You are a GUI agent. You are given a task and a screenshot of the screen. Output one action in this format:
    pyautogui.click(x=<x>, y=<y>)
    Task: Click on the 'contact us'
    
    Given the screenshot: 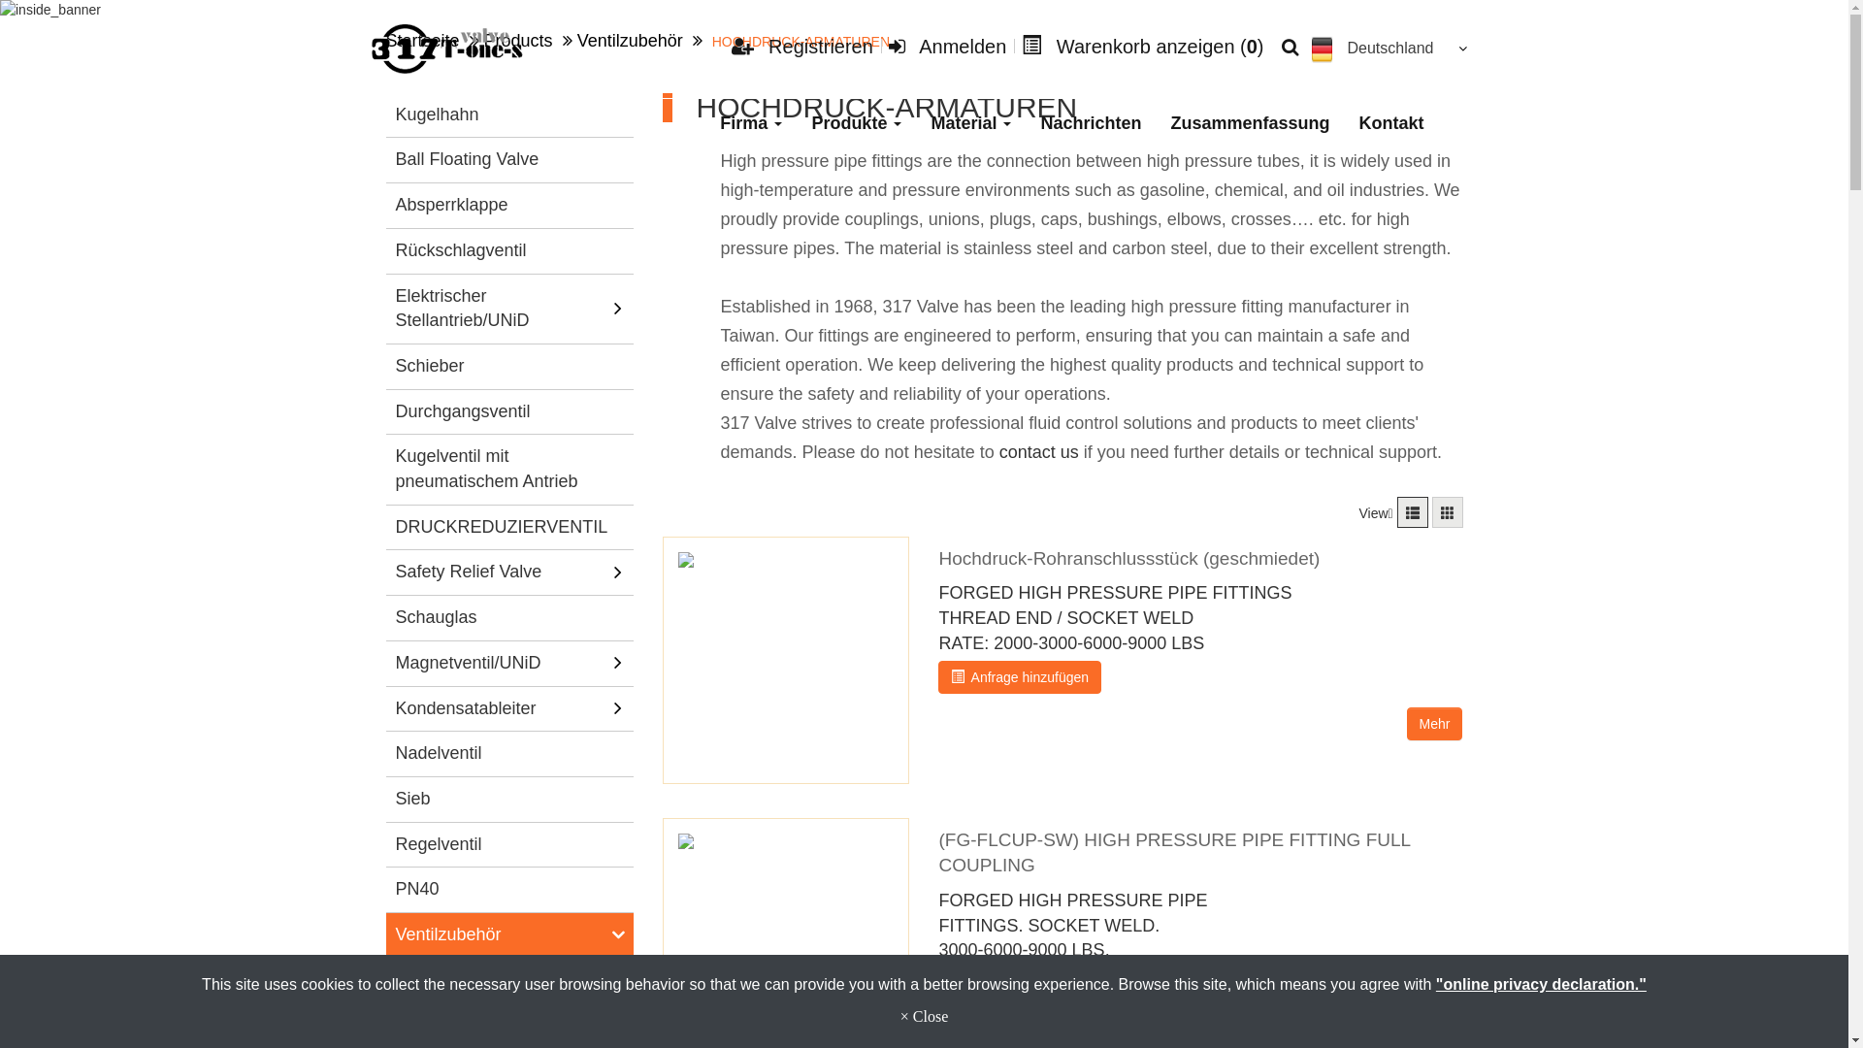 What is the action you would take?
    pyautogui.click(x=1037, y=452)
    